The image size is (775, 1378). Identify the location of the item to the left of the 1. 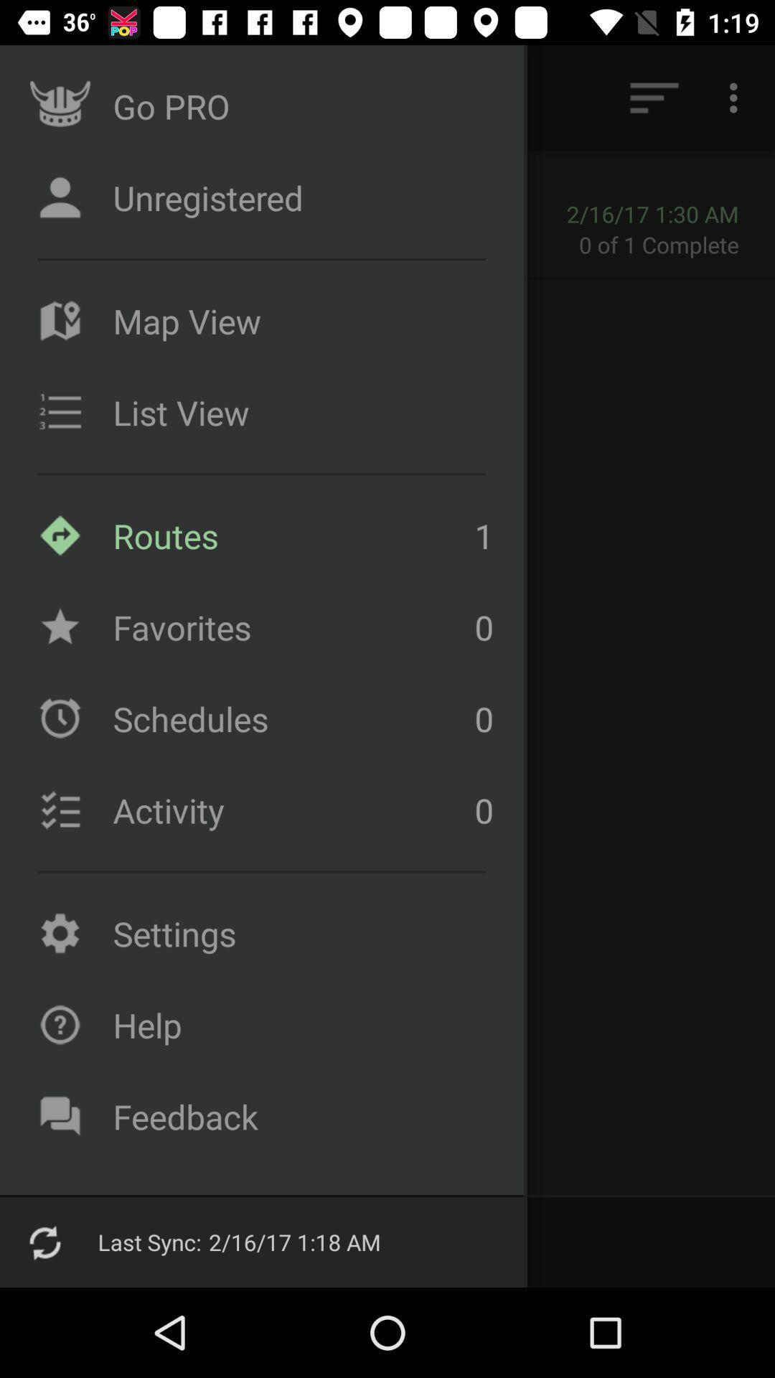
(290, 627).